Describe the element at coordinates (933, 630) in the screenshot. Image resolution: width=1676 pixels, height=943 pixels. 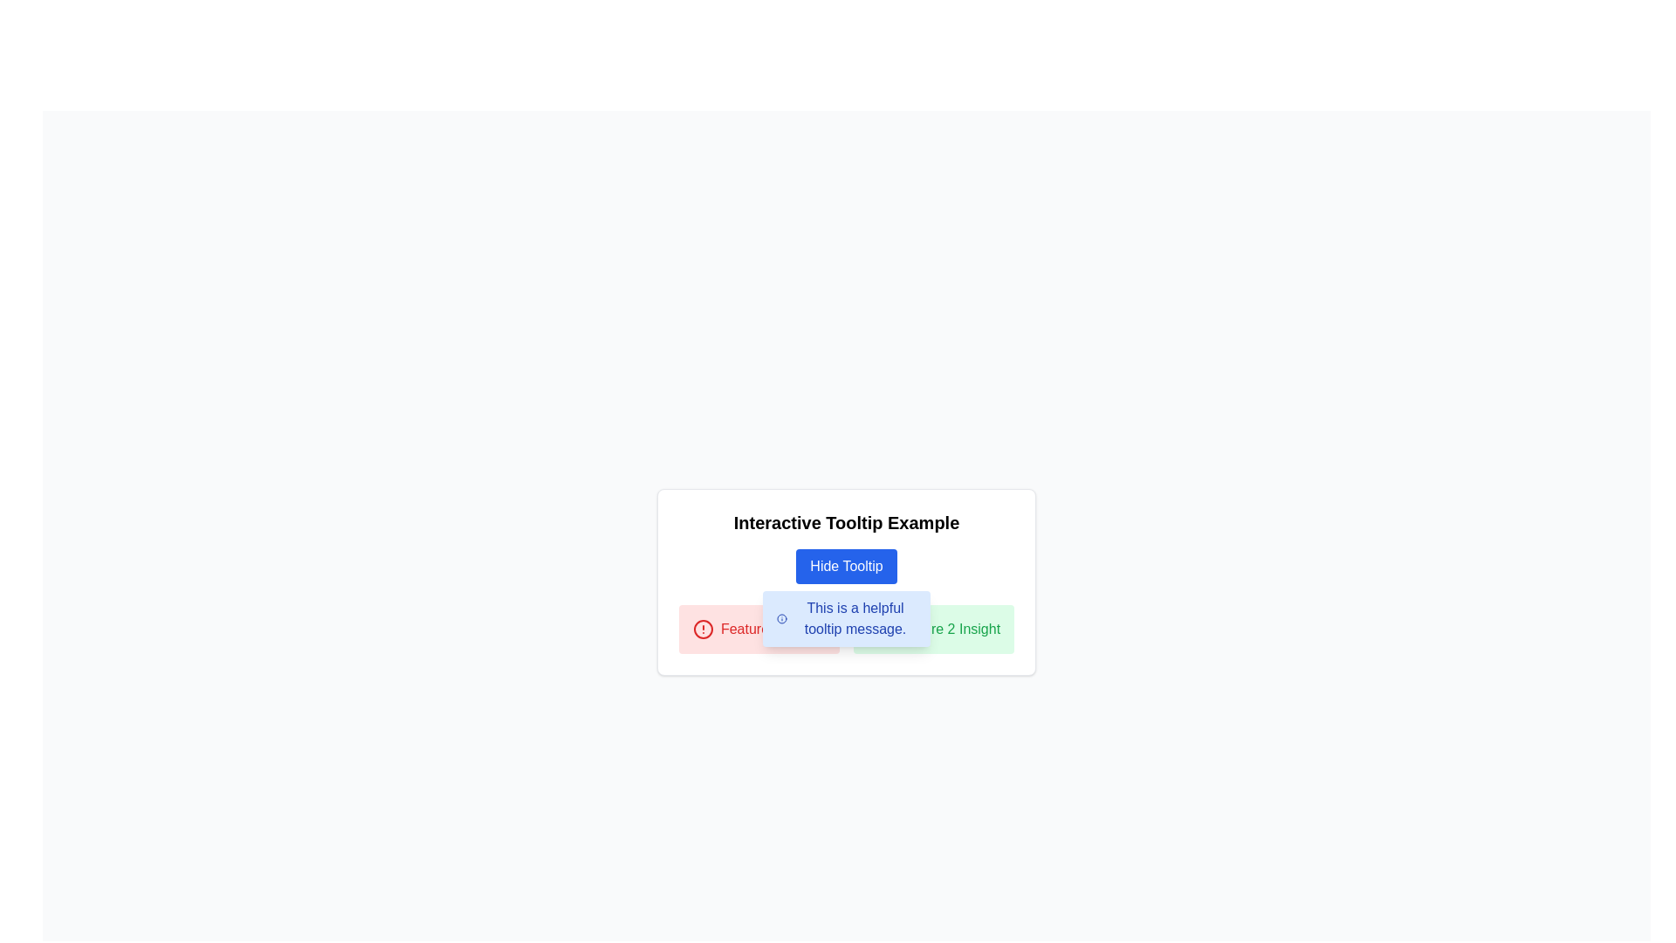
I see `the informational banner labeled 'Feature 2 Insight', which is a green box with rounded corners and an alert icon to the left of the text` at that location.